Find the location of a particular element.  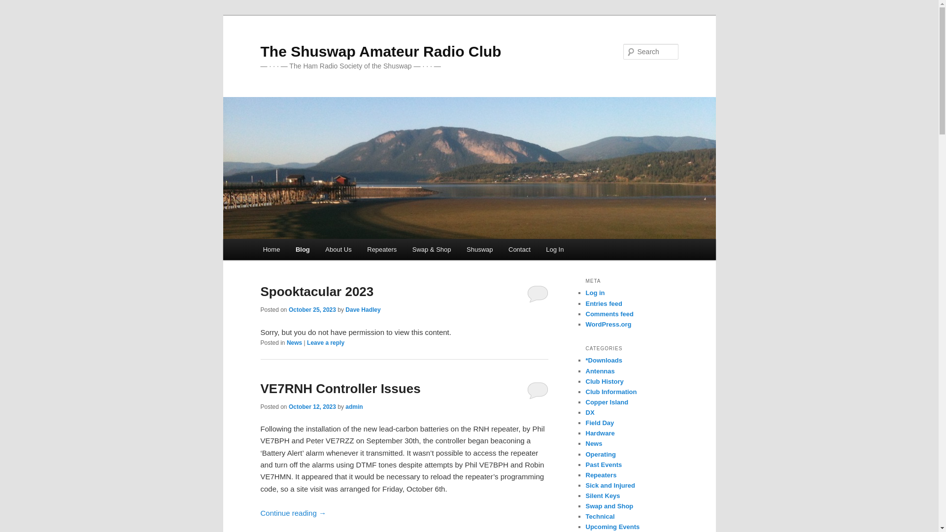

'Hardware' is located at coordinates (585, 432).